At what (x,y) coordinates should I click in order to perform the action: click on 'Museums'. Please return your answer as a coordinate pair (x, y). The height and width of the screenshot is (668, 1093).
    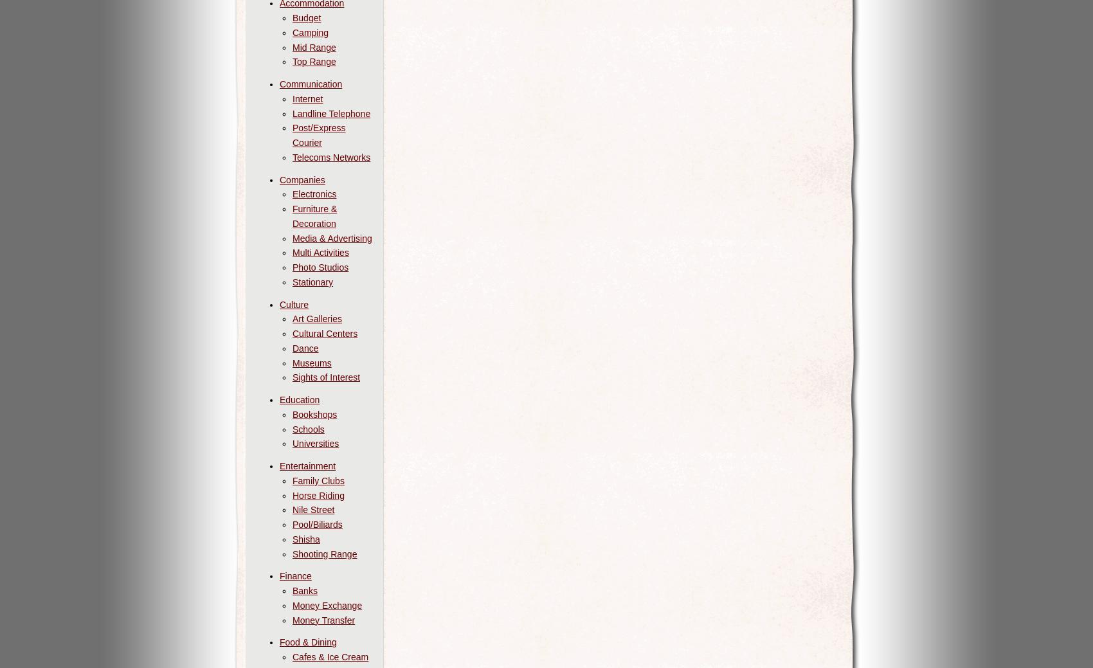
    Looking at the image, I should click on (312, 362).